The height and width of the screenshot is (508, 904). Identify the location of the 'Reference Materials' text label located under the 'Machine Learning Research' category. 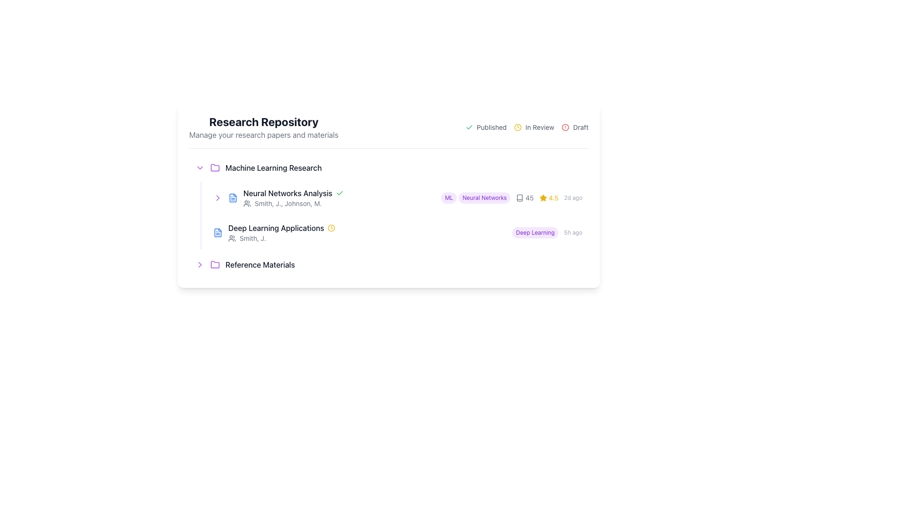
(260, 265).